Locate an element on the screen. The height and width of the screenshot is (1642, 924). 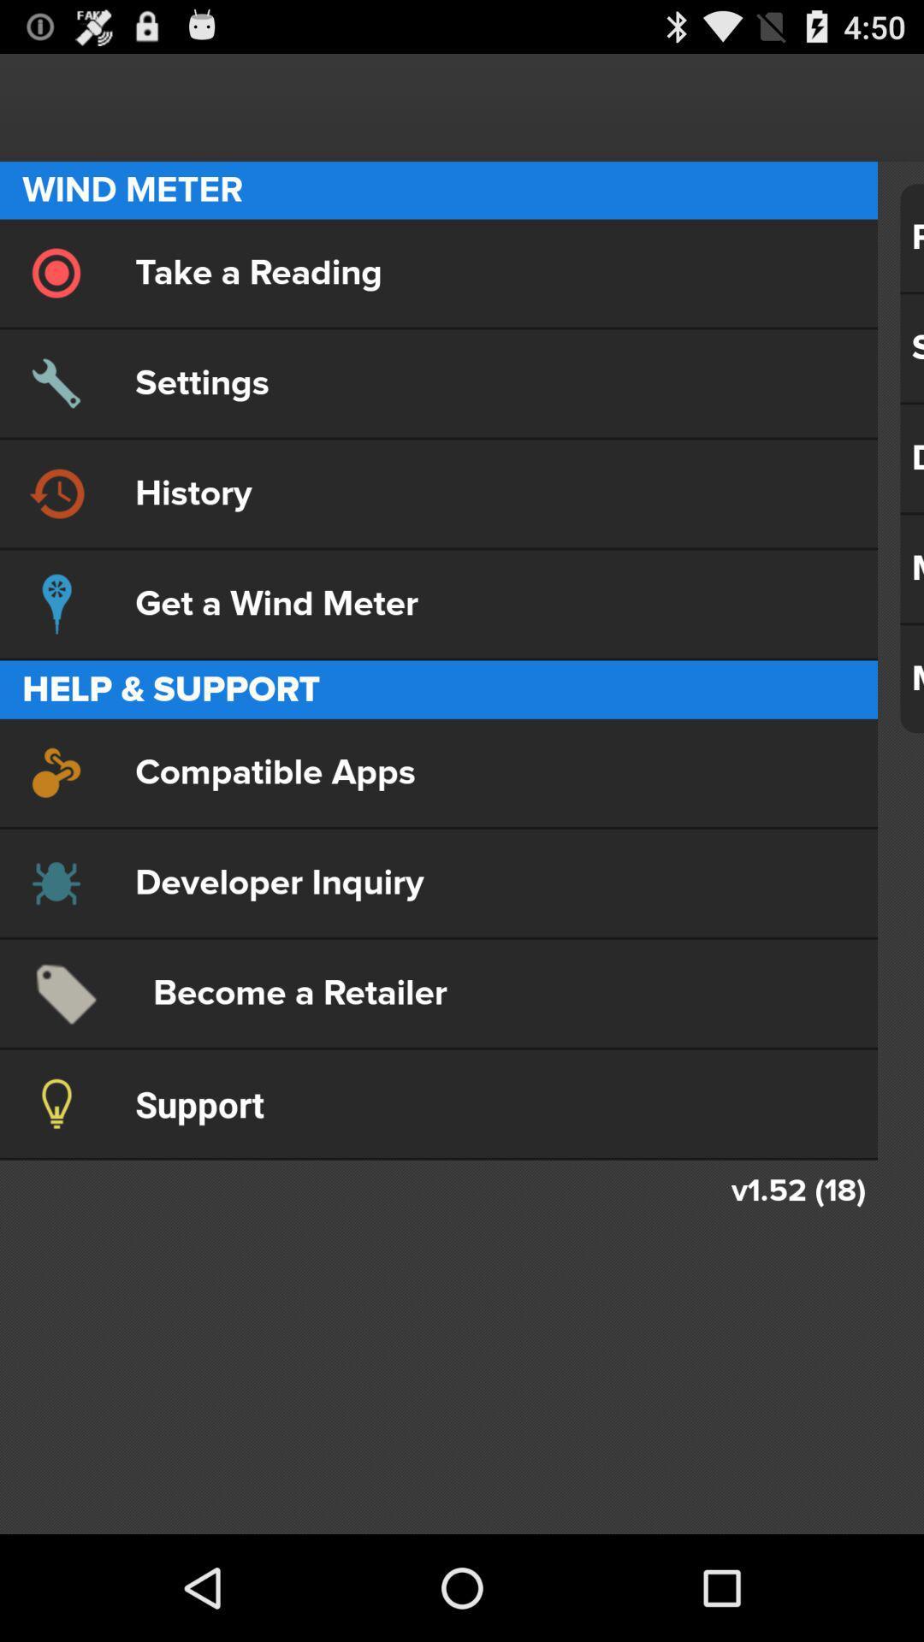
the get a wind item is located at coordinates (438, 604).